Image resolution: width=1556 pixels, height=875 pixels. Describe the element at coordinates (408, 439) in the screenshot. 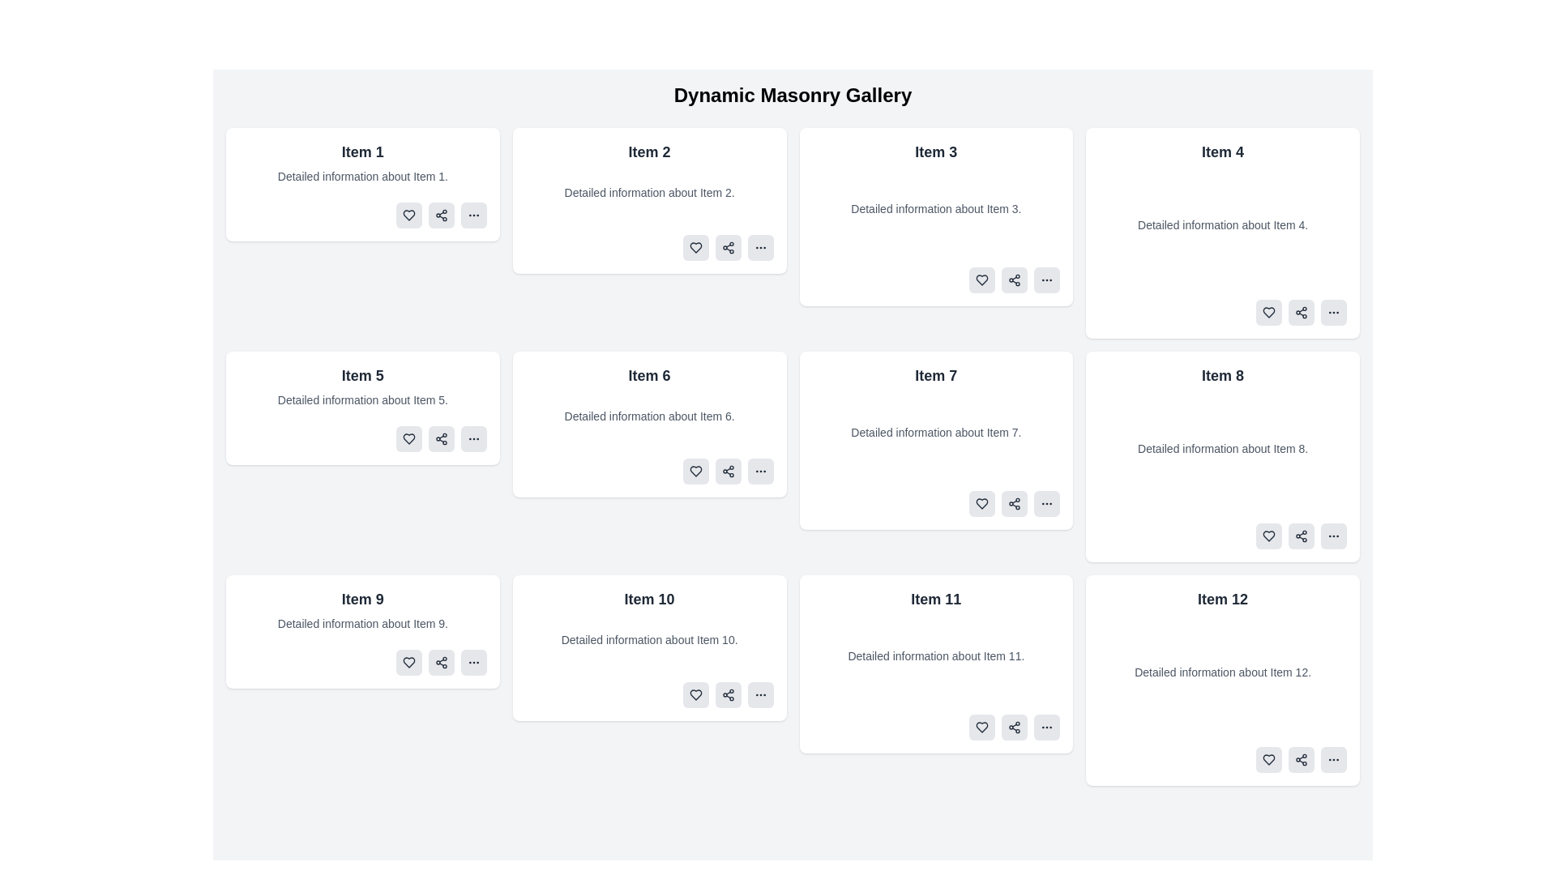

I see `the heart-shaped icon button located in the bottom-left section of the card labeled 'Item 5' to like the item` at that location.